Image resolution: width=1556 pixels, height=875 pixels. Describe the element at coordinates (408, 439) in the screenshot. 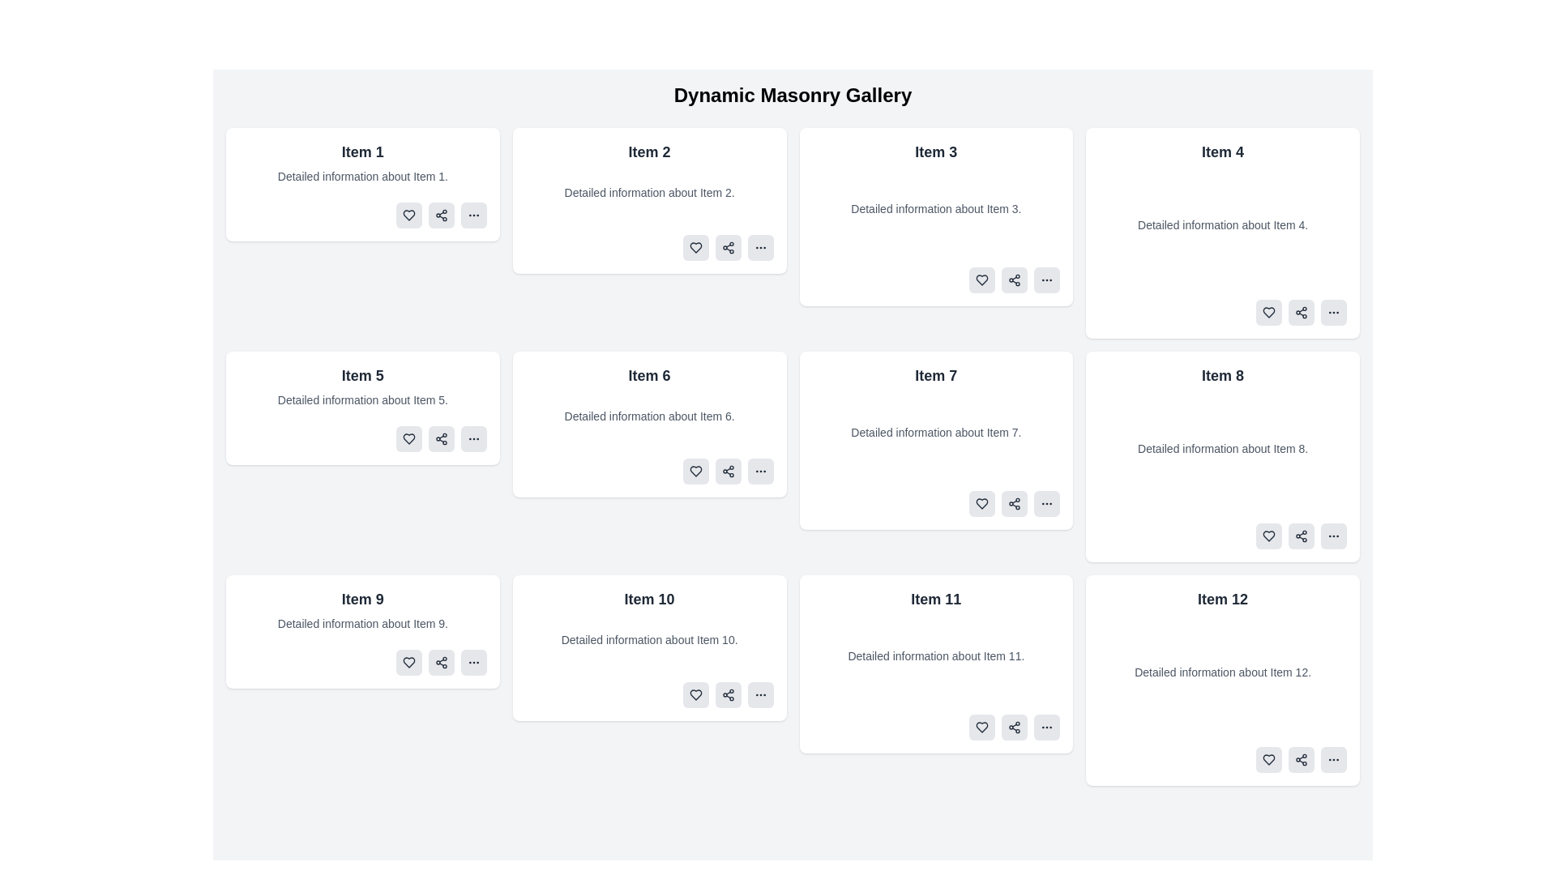

I see `the heart-shaped icon button located in the bottom-left section of the card labeled 'Item 5' to like the item` at that location.